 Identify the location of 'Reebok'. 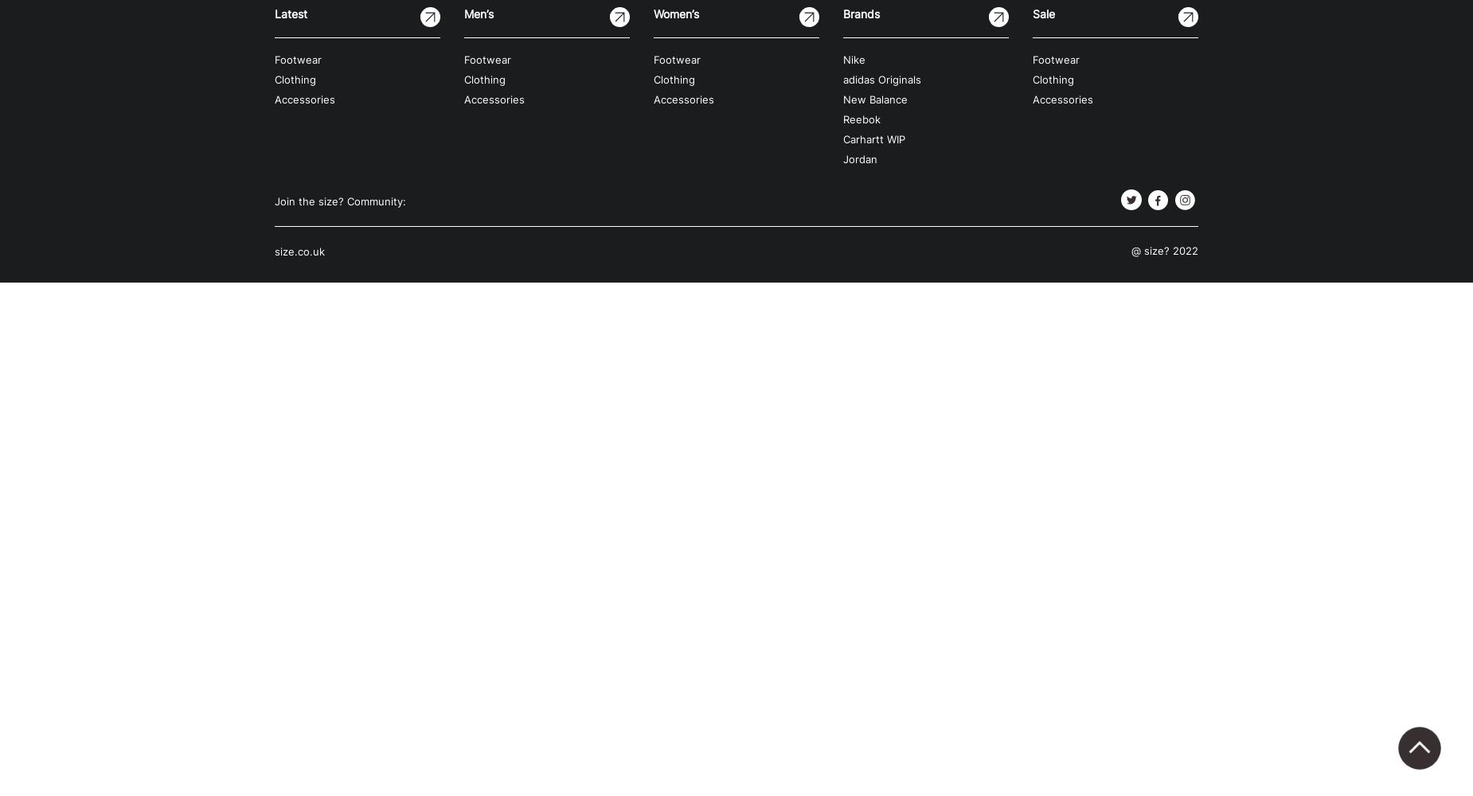
(861, 119).